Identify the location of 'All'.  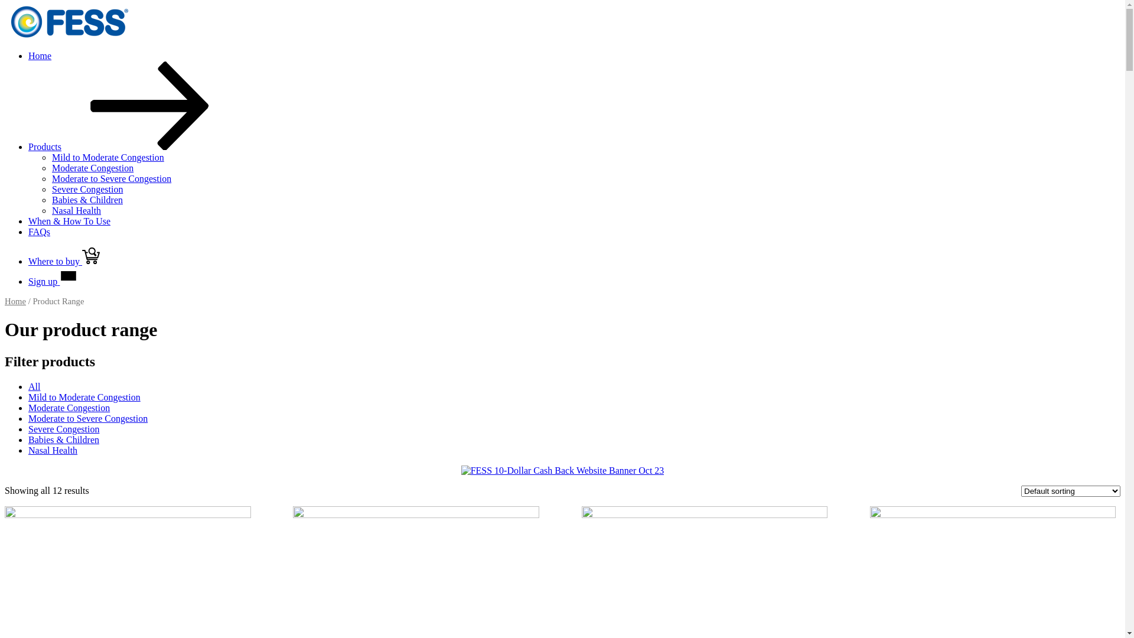
(34, 386).